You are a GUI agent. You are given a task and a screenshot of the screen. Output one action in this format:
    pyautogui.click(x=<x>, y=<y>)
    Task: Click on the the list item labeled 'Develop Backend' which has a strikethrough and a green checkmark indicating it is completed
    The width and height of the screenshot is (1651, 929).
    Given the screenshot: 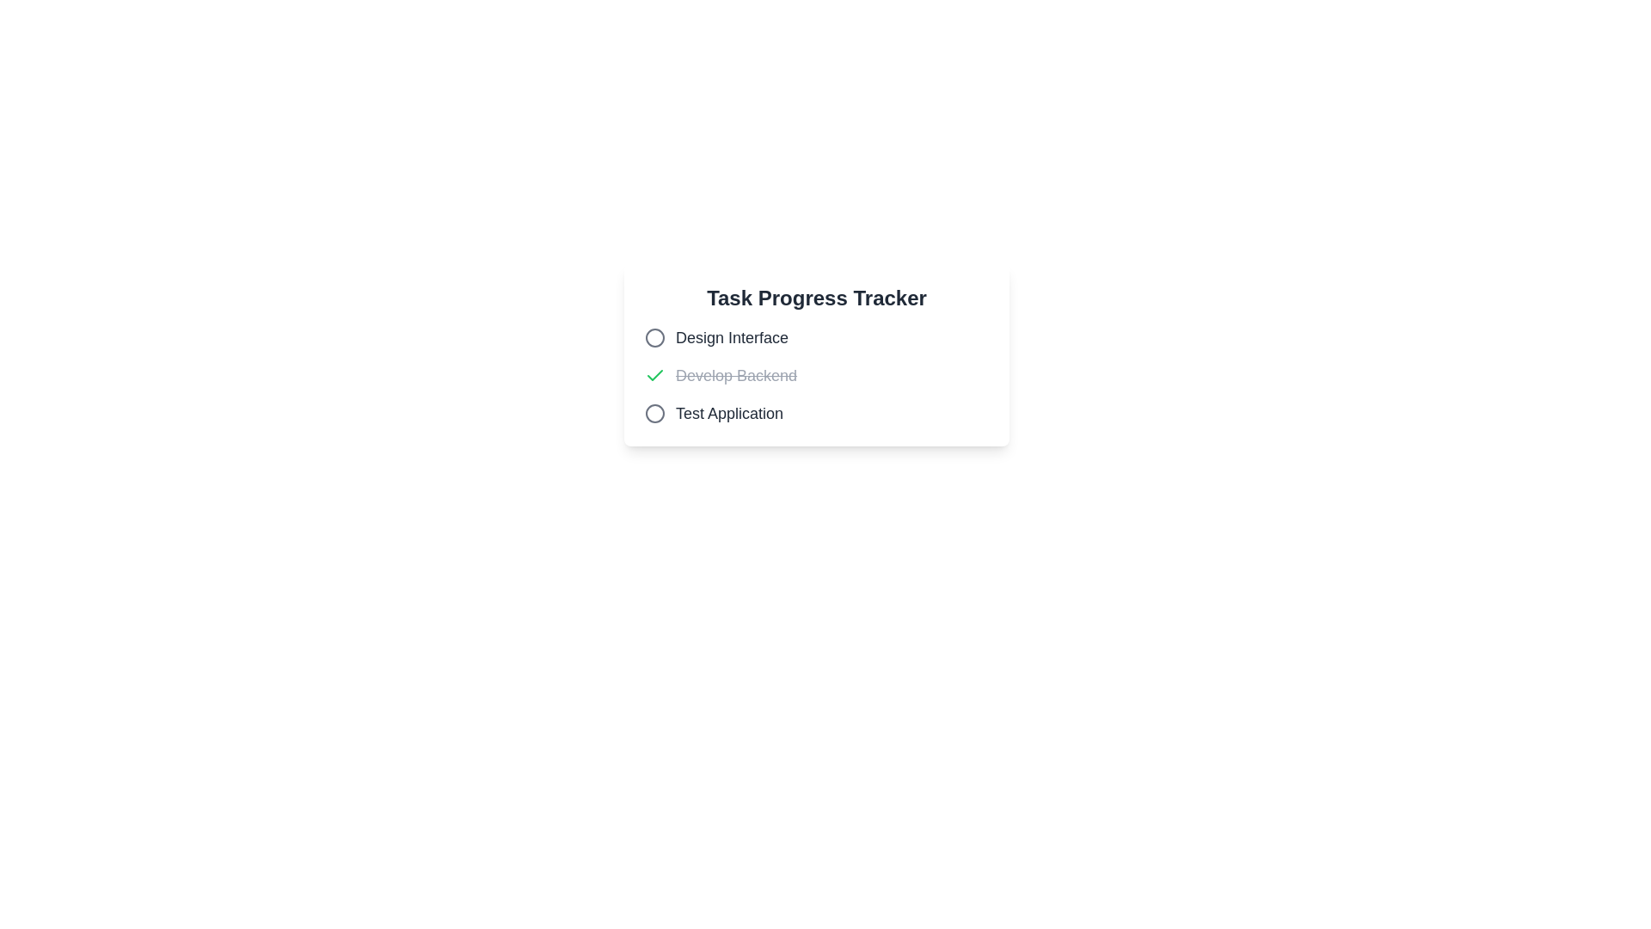 What is the action you would take?
    pyautogui.click(x=721, y=374)
    